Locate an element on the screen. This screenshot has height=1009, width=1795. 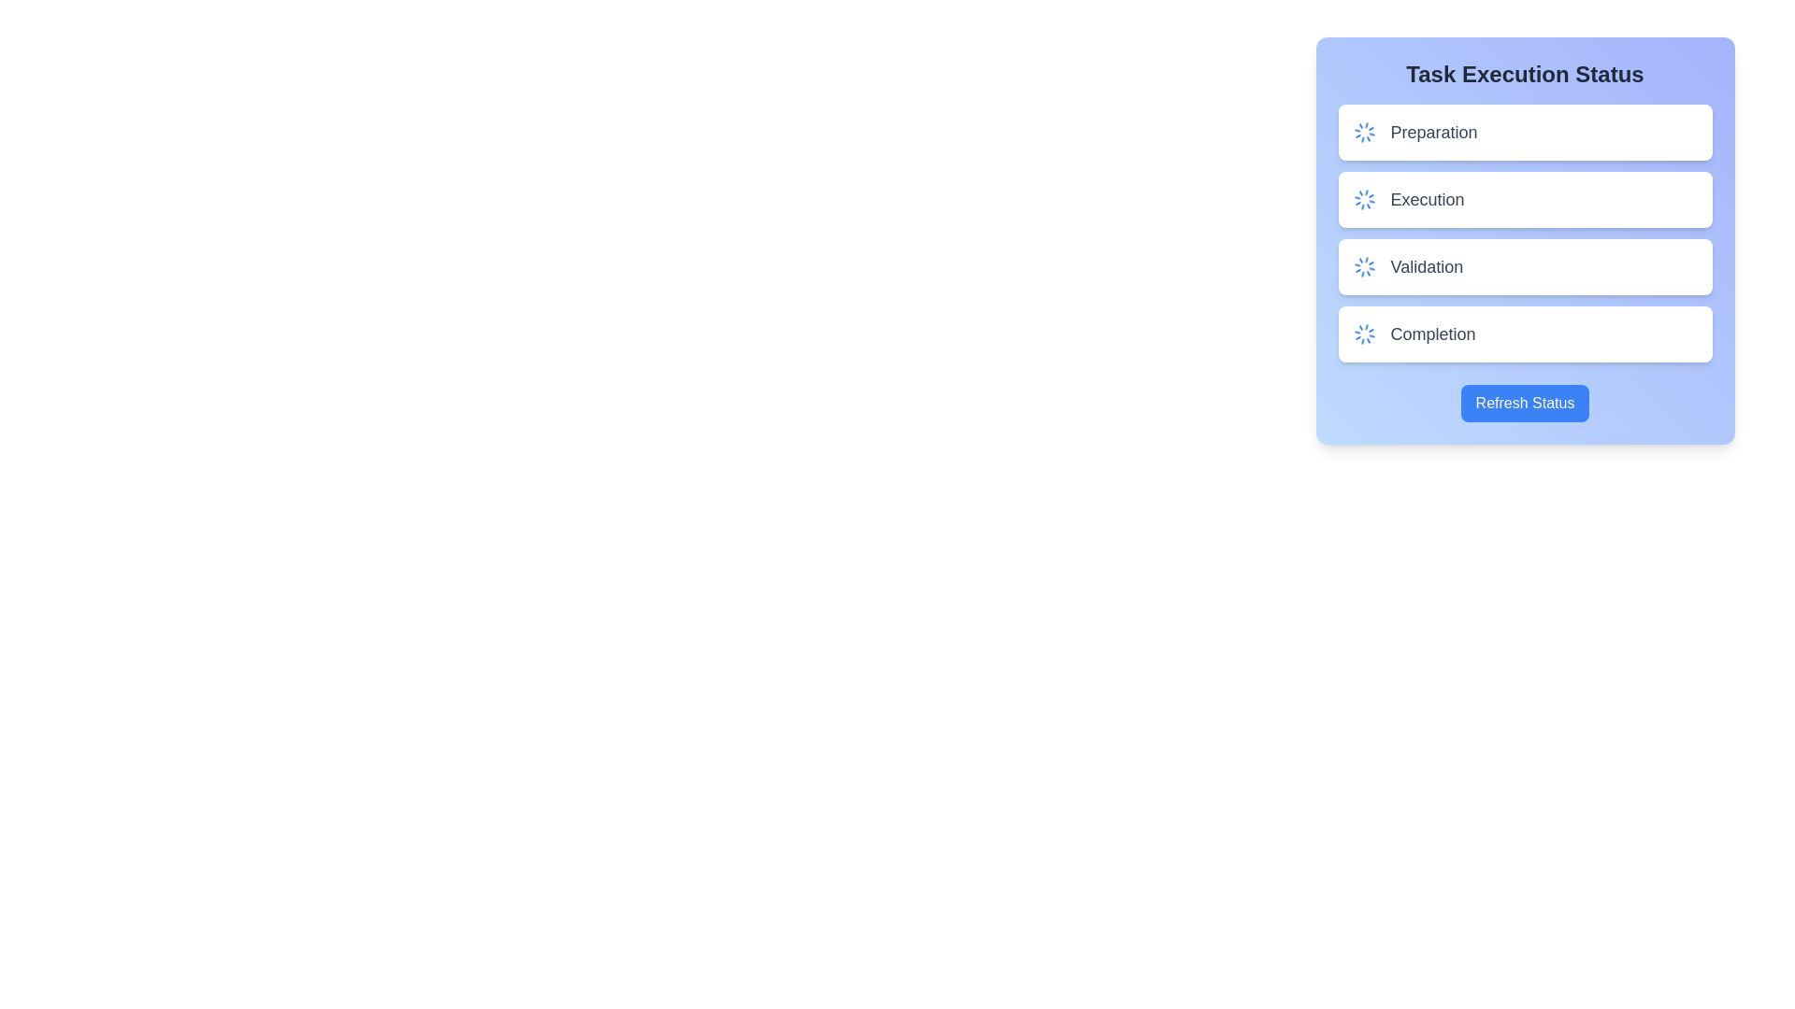
the Spinner element located in the 'Validation' section, which is positioned to the left of the 'Validation' label is located at coordinates (1364, 266).